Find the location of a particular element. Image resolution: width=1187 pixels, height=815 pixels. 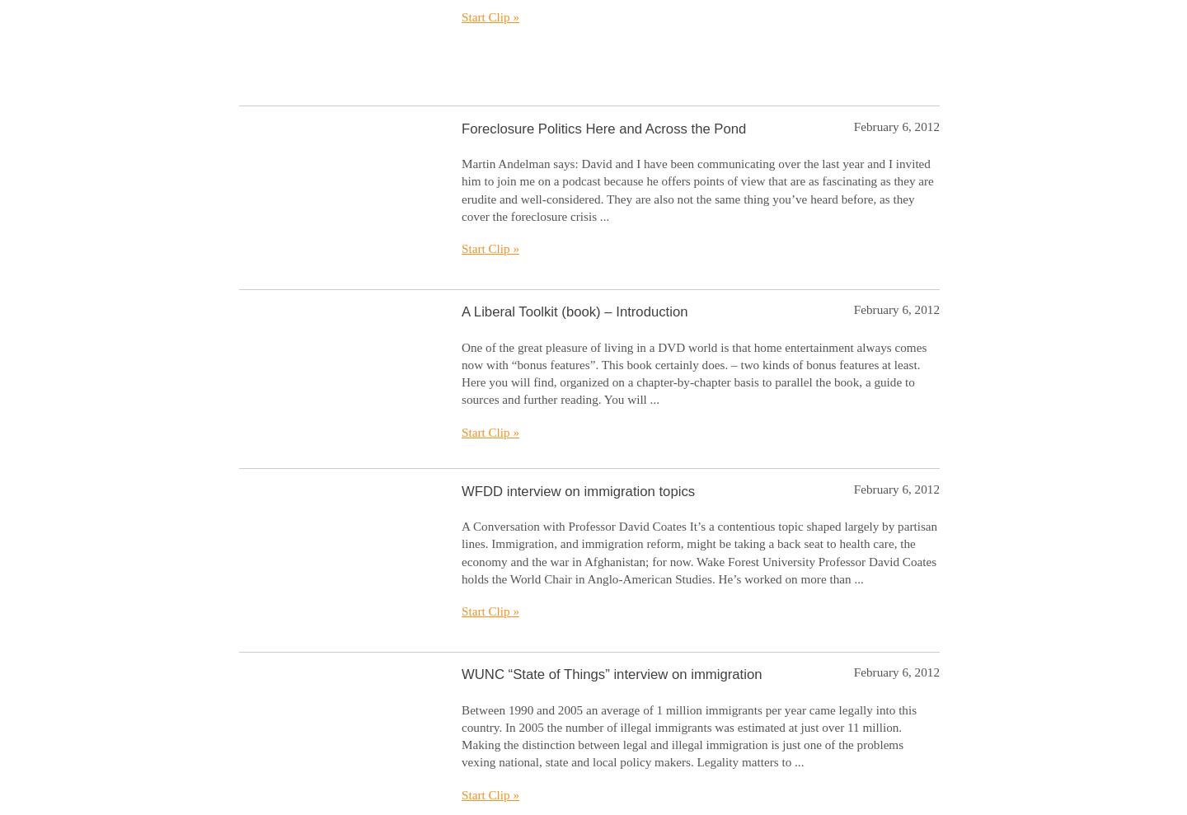

'A Conversation with Professor David Coates It’s a contentious topic shaped largely by partisan lines. Immigration, and immigration reform, might be taking a back seat to health care, the economy and the war in Afghanistan; for now. Wake Forest University Professor David Coates holds the World Chair in Anglo-American Studies. He’s worked on more than ...' is located at coordinates (462, 551).